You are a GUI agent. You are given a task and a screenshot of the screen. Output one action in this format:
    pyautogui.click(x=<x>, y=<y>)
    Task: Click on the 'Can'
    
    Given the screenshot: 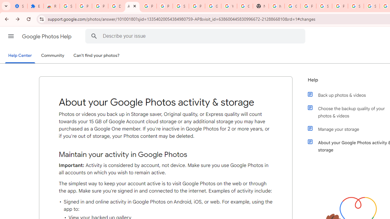 What is the action you would take?
    pyautogui.click(x=96, y=56)
    